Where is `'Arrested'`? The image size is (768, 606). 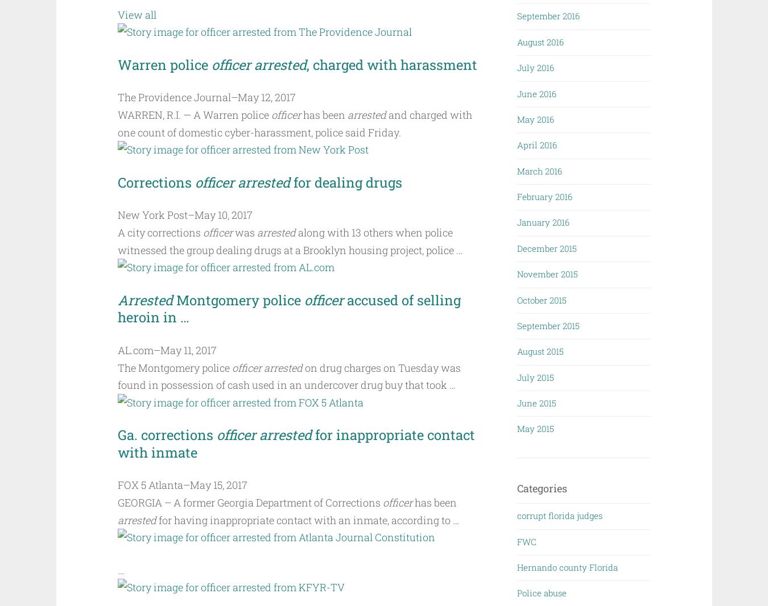 'Arrested' is located at coordinates (144, 300).